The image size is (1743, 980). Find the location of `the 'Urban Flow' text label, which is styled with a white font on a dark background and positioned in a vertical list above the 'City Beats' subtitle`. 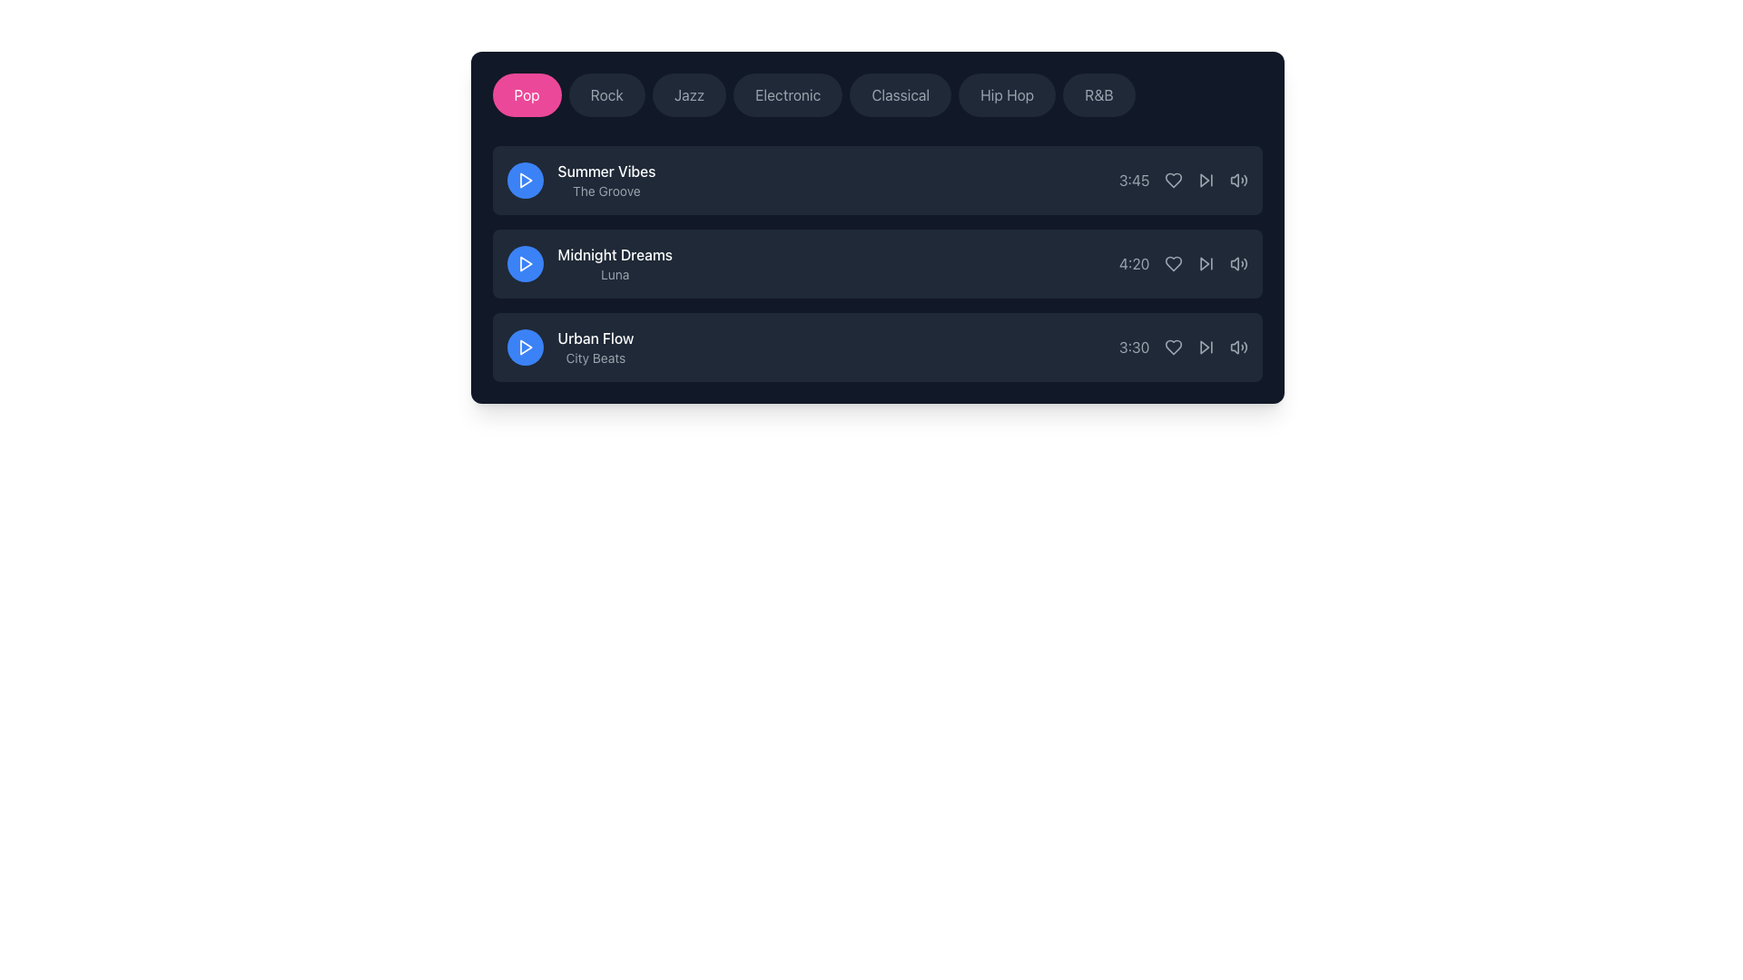

the 'Urban Flow' text label, which is styled with a white font on a dark background and positioned in a vertical list above the 'City Beats' subtitle is located at coordinates (596, 338).